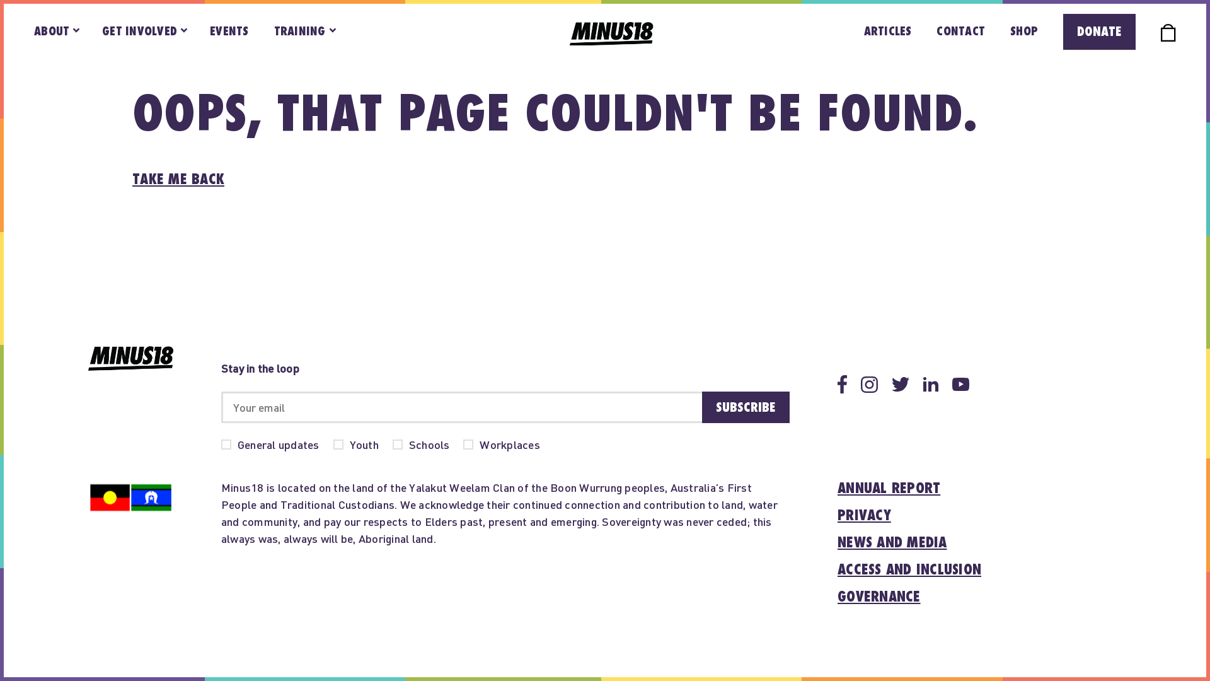  What do you see at coordinates (838, 488) in the screenshot?
I see `'ANNUAL REPORT'` at bounding box center [838, 488].